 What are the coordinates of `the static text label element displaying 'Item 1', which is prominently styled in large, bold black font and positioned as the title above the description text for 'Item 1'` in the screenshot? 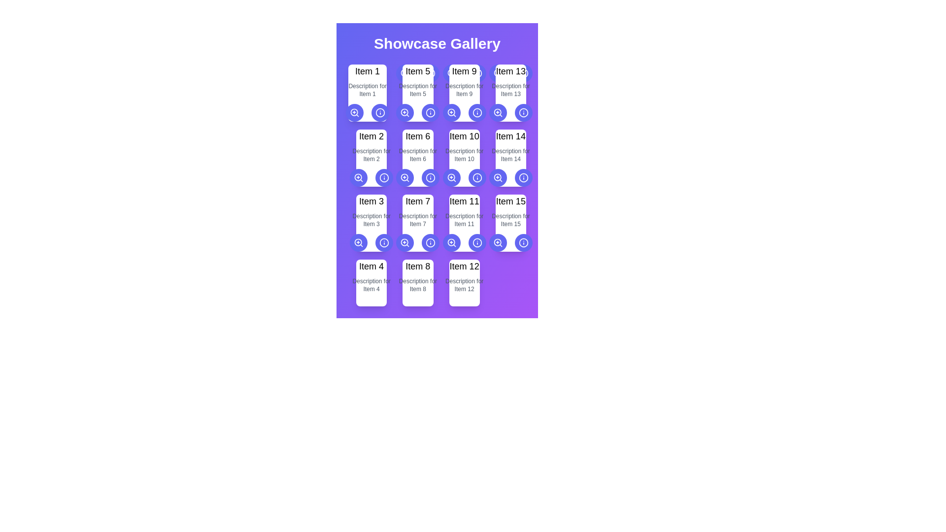 It's located at (367, 71).